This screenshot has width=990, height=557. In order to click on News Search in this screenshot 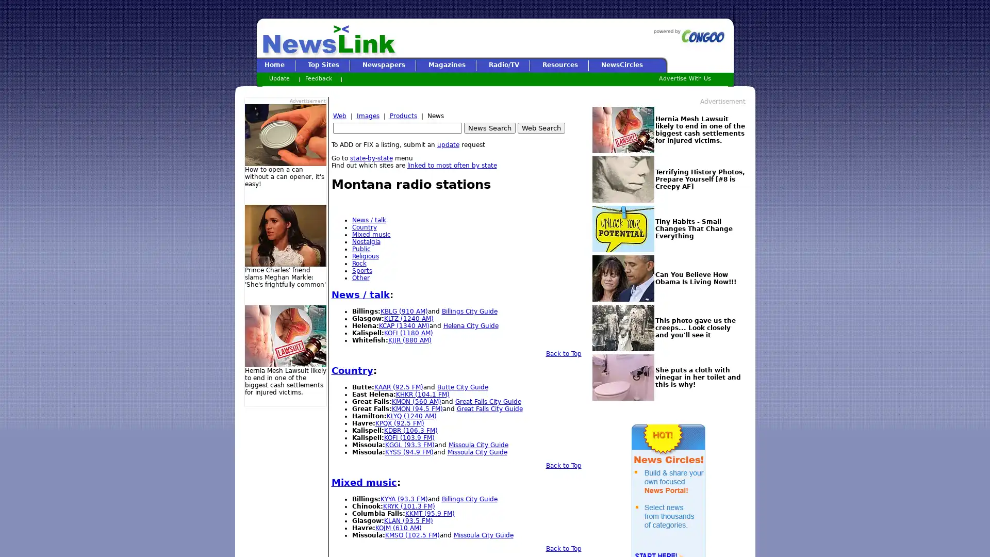, I will do `click(489, 127)`.